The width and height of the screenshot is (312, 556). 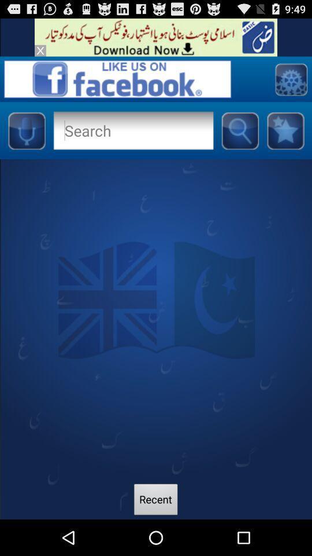 What do you see at coordinates (39, 50) in the screenshot?
I see `advertisements` at bounding box center [39, 50].